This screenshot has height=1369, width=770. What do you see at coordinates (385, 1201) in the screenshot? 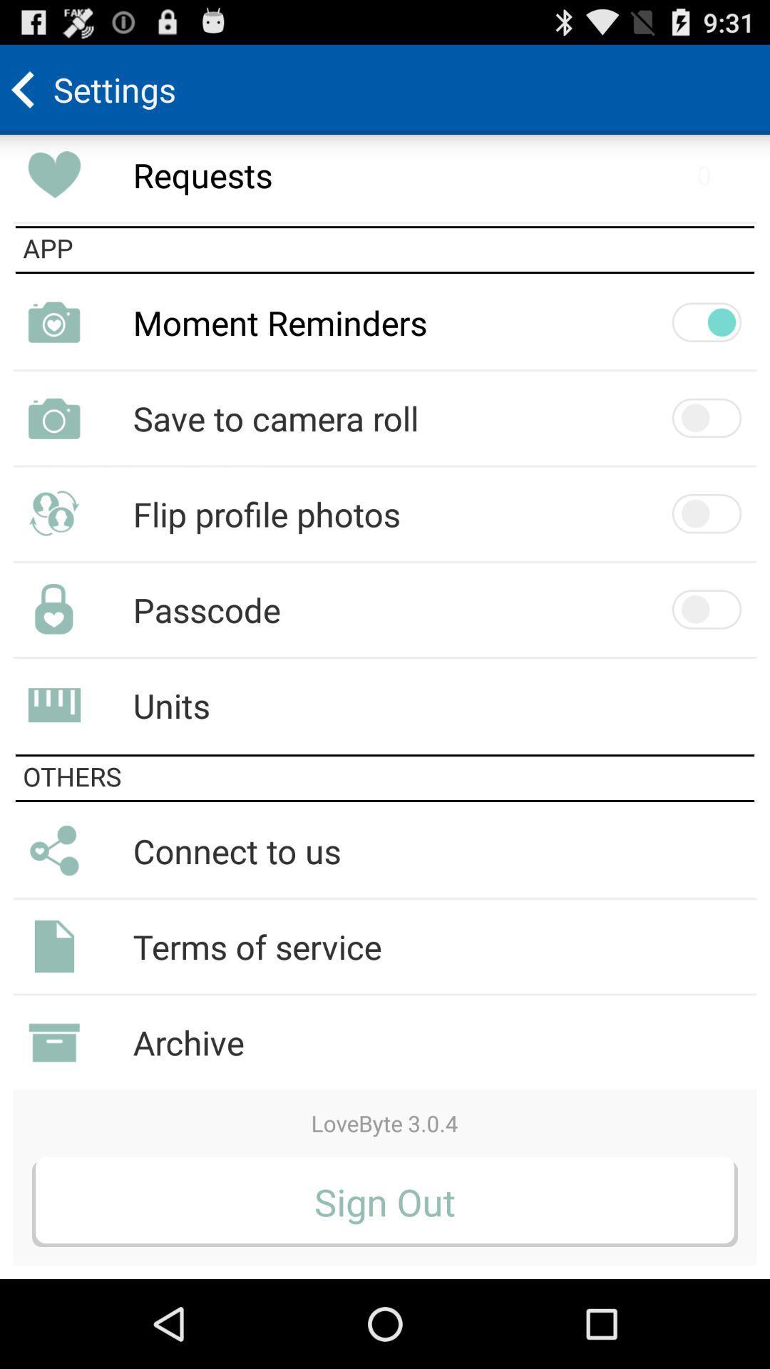
I see `icon below the lovebyte 3 0 item` at bounding box center [385, 1201].